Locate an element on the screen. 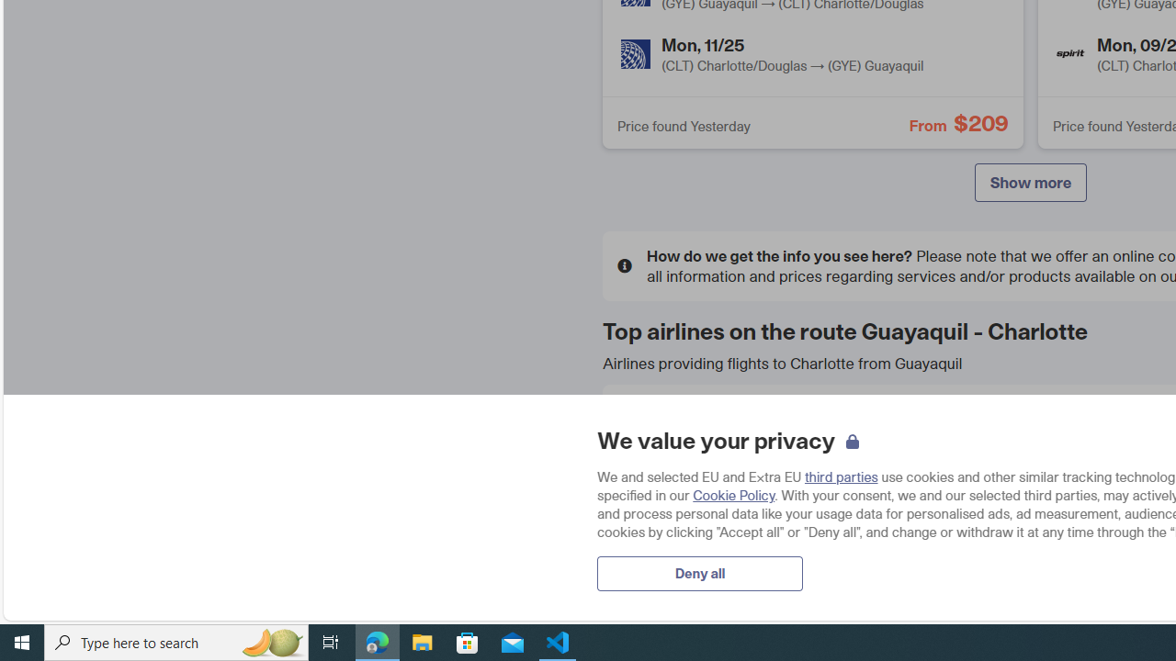 This screenshot has width=1176, height=661. 'Deny all' is located at coordinates (699, 572).